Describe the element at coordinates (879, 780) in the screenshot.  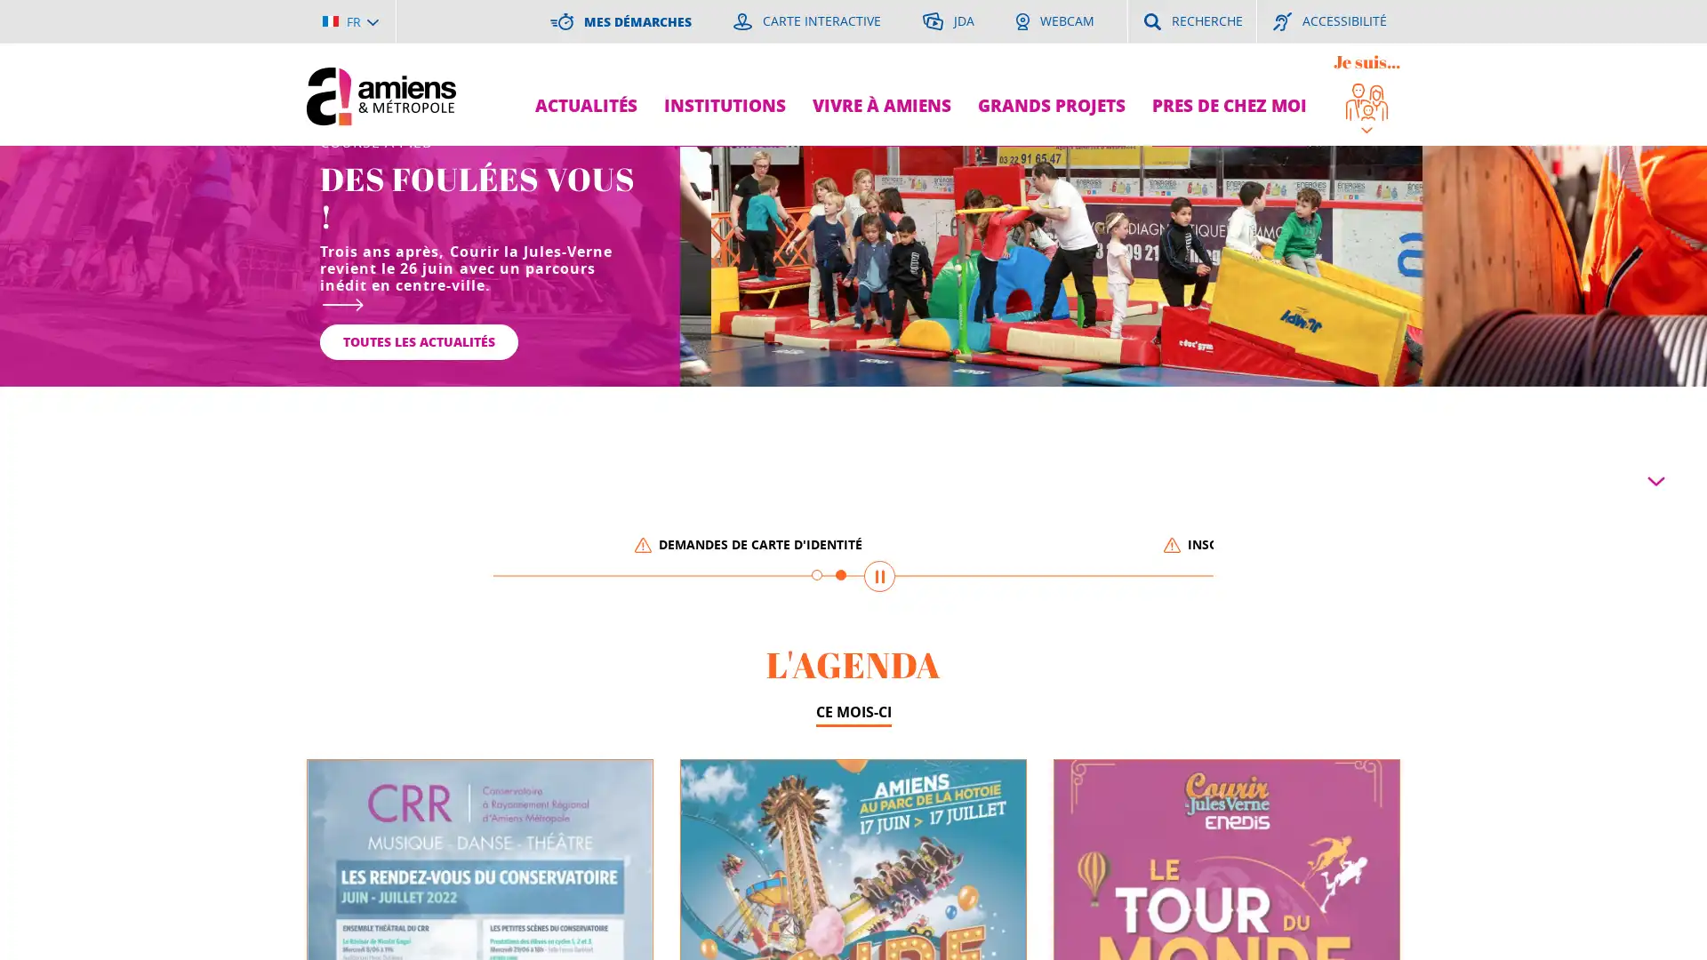
I see `Mettre en pause` at that location.